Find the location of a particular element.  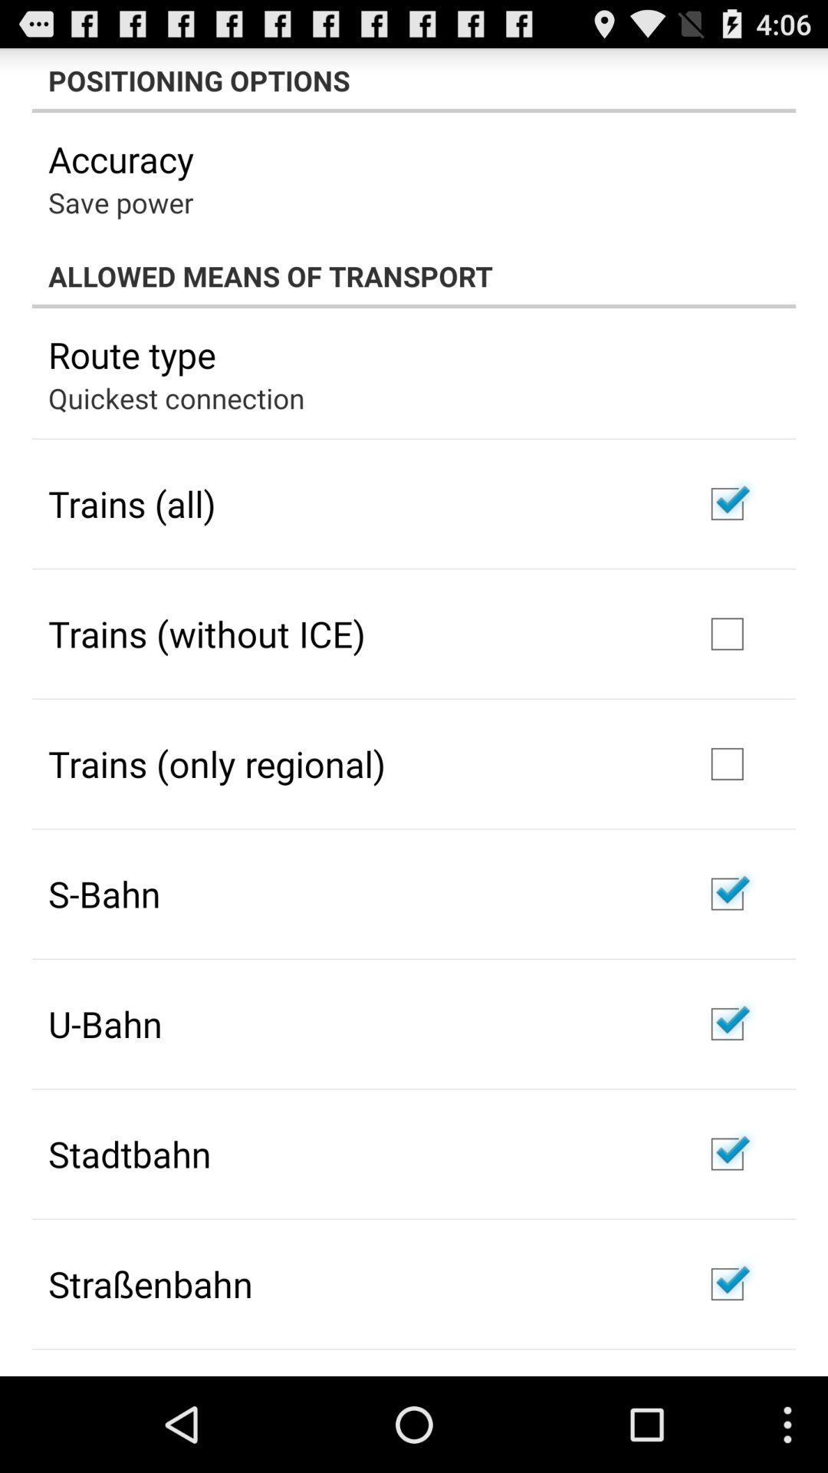

the accuracy app is located at coordinates (120, 159).